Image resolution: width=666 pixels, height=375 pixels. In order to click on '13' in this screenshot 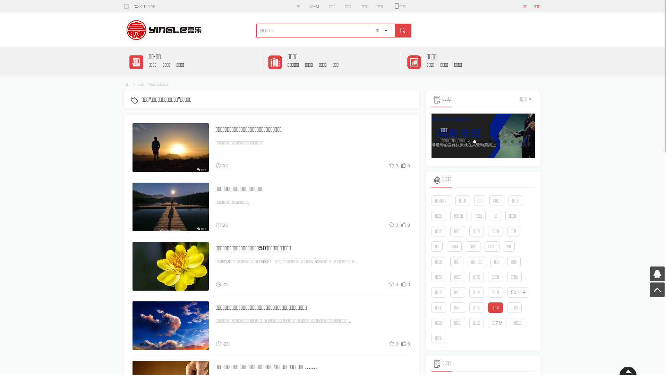, I will do `click(527, 153)`.